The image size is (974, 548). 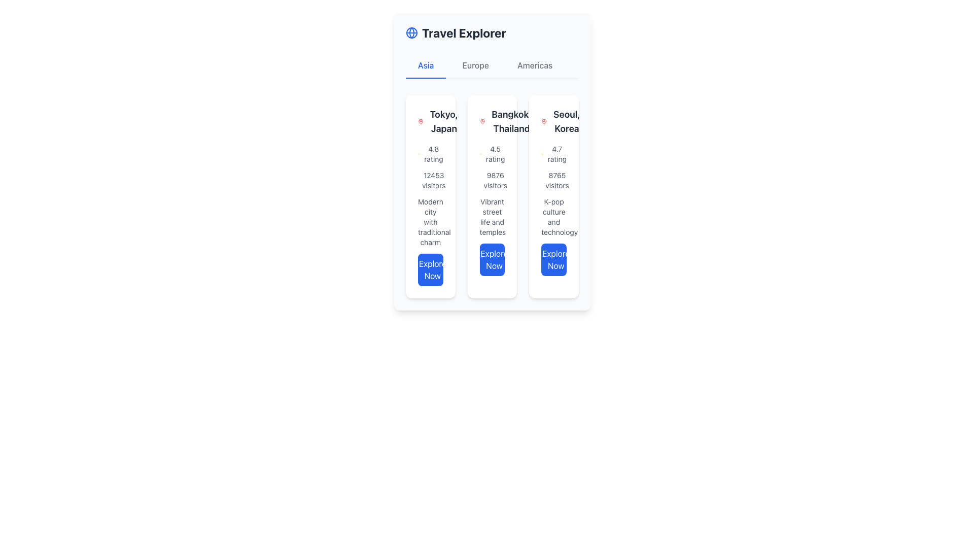 What do you see at coordinates (556, 180) in the screenshot?
I see `the displayed information about the number of visitors for the destination 'Seoul, Korea' from the Text display located in the rightmost column of the three panels under the 'Asia' tab in the 'Travel Explorer' section` at bounding box center [556, 180].